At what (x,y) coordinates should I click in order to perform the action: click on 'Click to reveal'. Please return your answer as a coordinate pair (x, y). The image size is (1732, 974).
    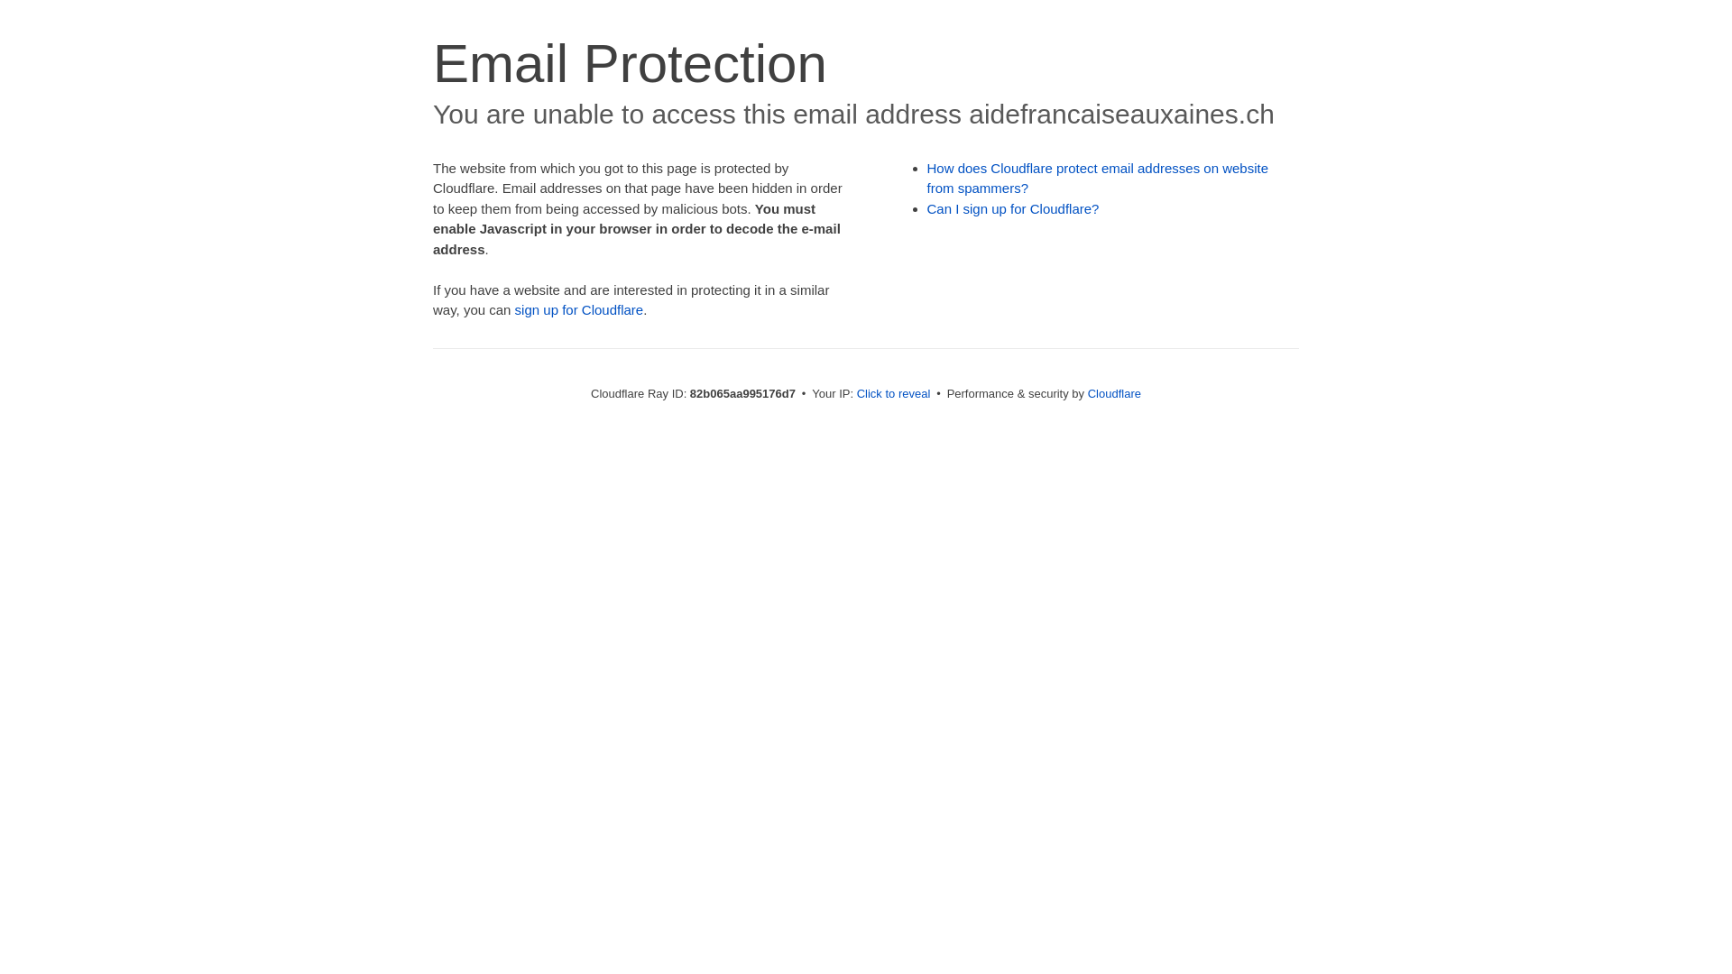
    Looking at the image, I should click on (893, 392).